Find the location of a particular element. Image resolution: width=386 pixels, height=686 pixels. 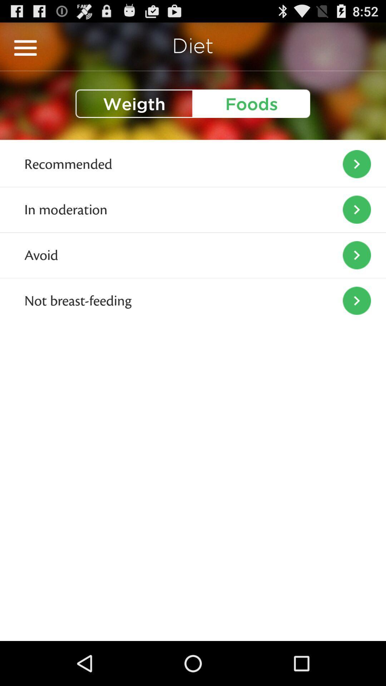

the menu icon is located at coordinates (25, 51).